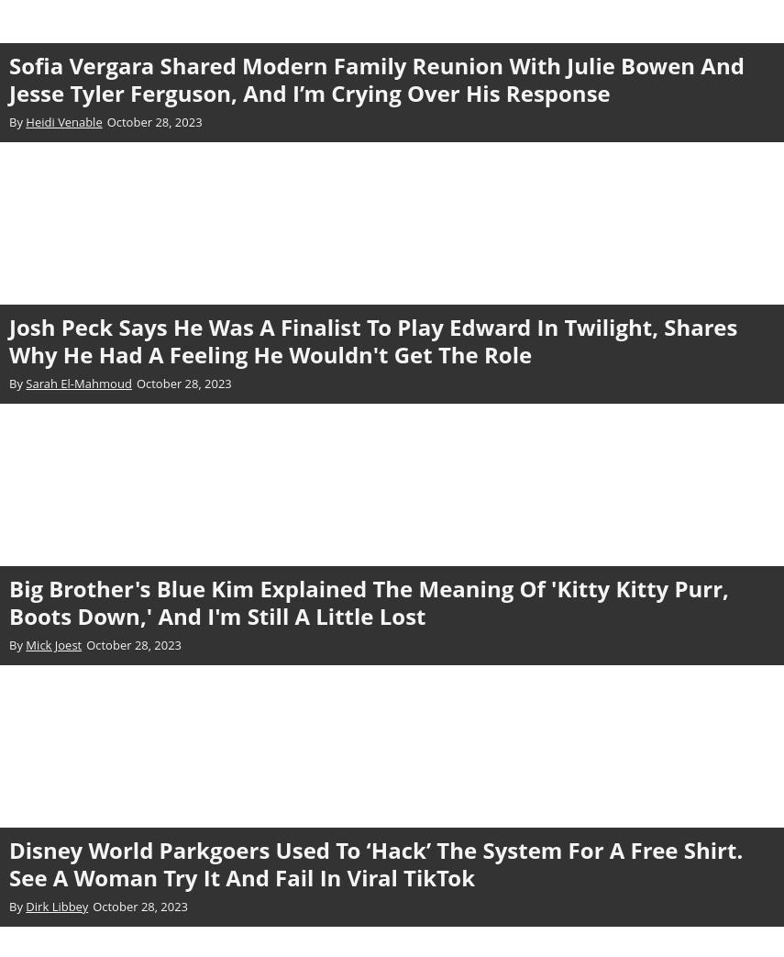 The width and height of the screenshot is (784, 957). What do you see at coordinates (372, 339) in the screenshot?
I see `'Josh Peck Says He Was A Finalist To Play Edward In Twilight, Shares Why He Had A Feeling He Wouldn't Get The Role'` at bounding box center [372, 339].